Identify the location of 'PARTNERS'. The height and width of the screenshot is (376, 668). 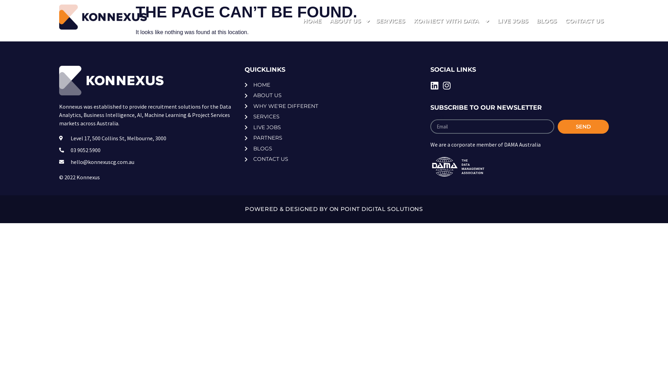
(244, 138).